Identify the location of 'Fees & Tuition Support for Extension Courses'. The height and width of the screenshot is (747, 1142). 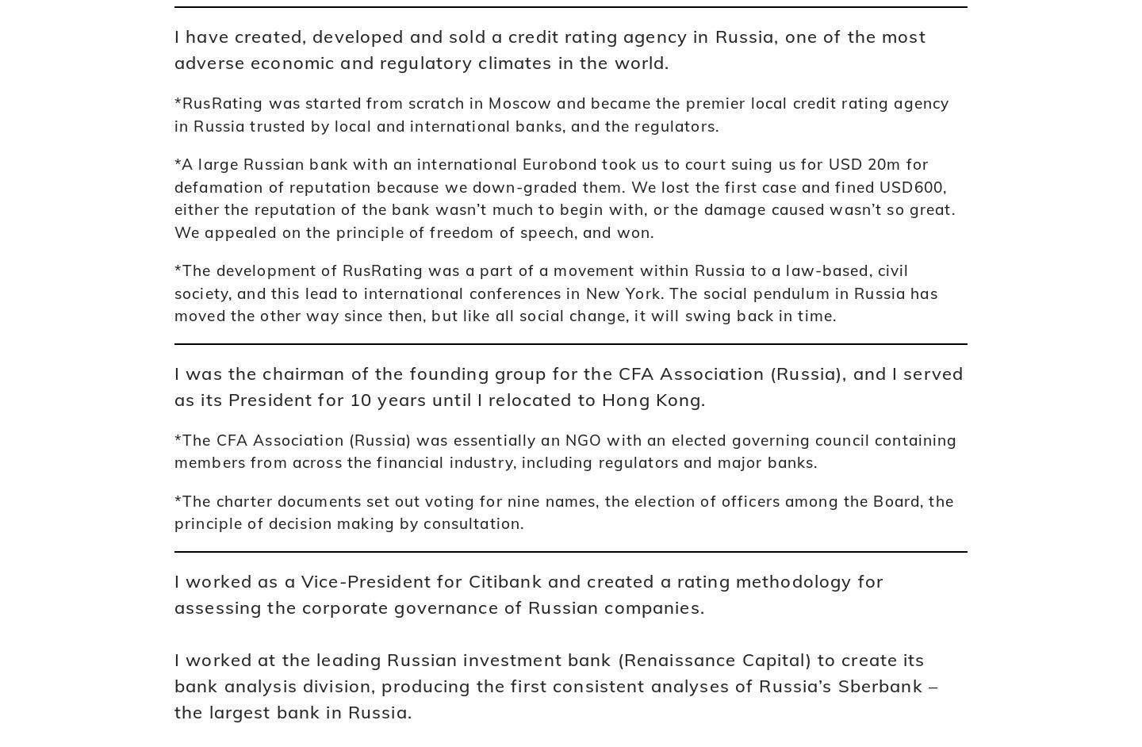
(877, 382).